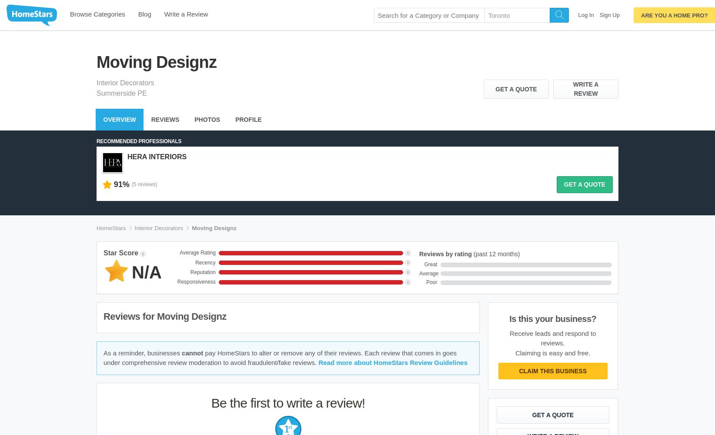 This screenshot has width=715, height=435. What do you see at coordinates (138, 141) in the screenshot?
I see `'Recommended Professionals'` at bounding box center [138, 141].